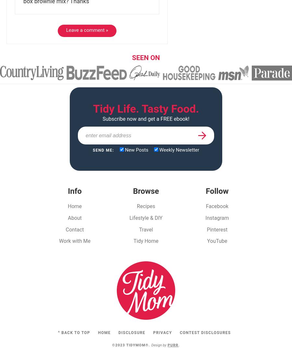 The image size is (292, 348). I want to click on 'Contact', so click(65, 229).